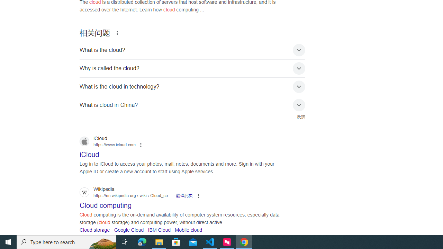 The height and width of the screenshot is (249, 443). Describe the element at coordinates (159, 230) in the screenshot. I see `'IBM Cloud'` at that location.